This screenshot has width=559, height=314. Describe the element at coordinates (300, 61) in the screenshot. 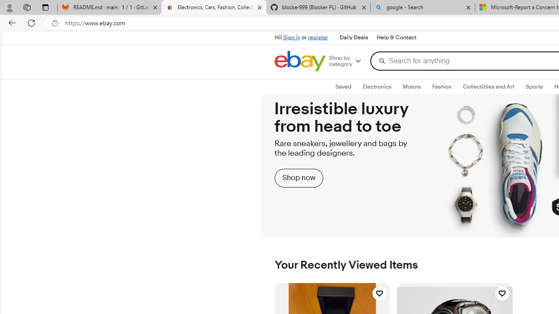

I see `'eBay Home'` at that location.